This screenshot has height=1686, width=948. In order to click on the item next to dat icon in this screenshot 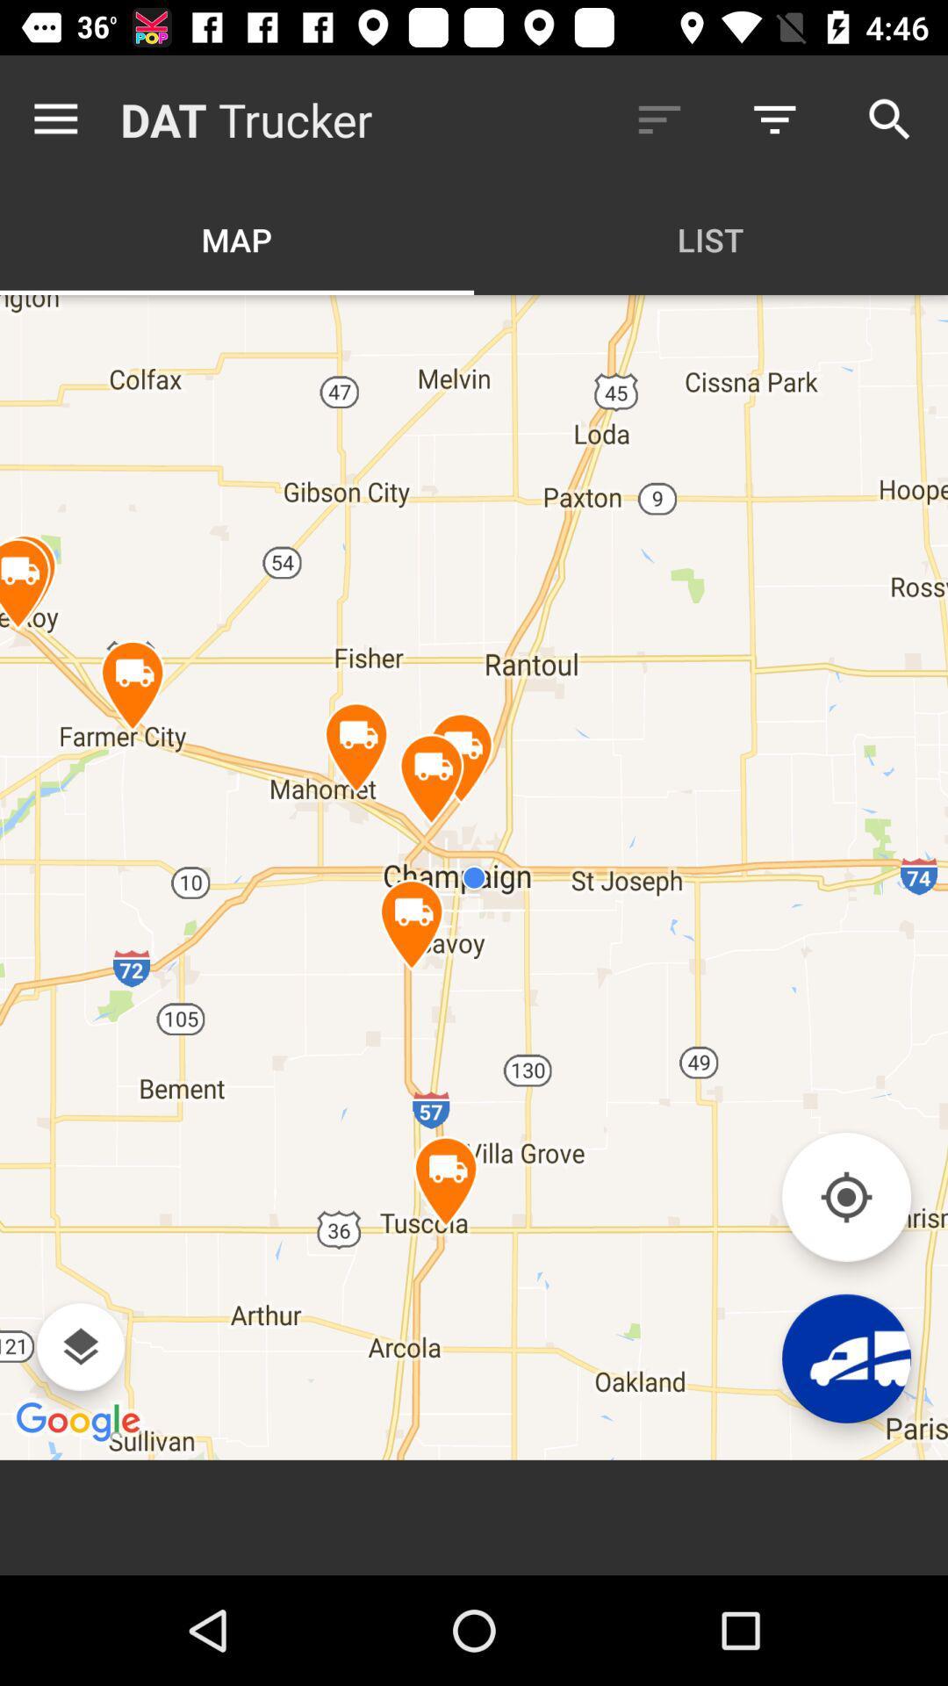, I will do `click(59, 119)`.